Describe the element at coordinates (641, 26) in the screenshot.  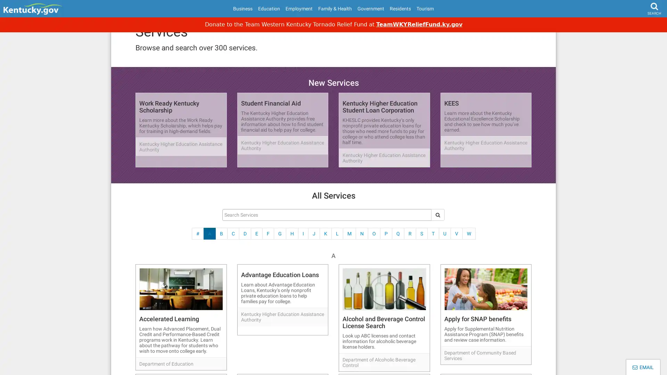
I see `Search` at that location.